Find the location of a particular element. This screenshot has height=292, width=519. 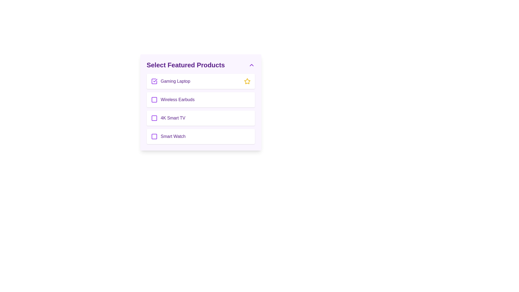

the star icon located in the grid-like list component, which is positioned to the right of the 'Gaming Laptop' name is located at coordinates (247, 81).